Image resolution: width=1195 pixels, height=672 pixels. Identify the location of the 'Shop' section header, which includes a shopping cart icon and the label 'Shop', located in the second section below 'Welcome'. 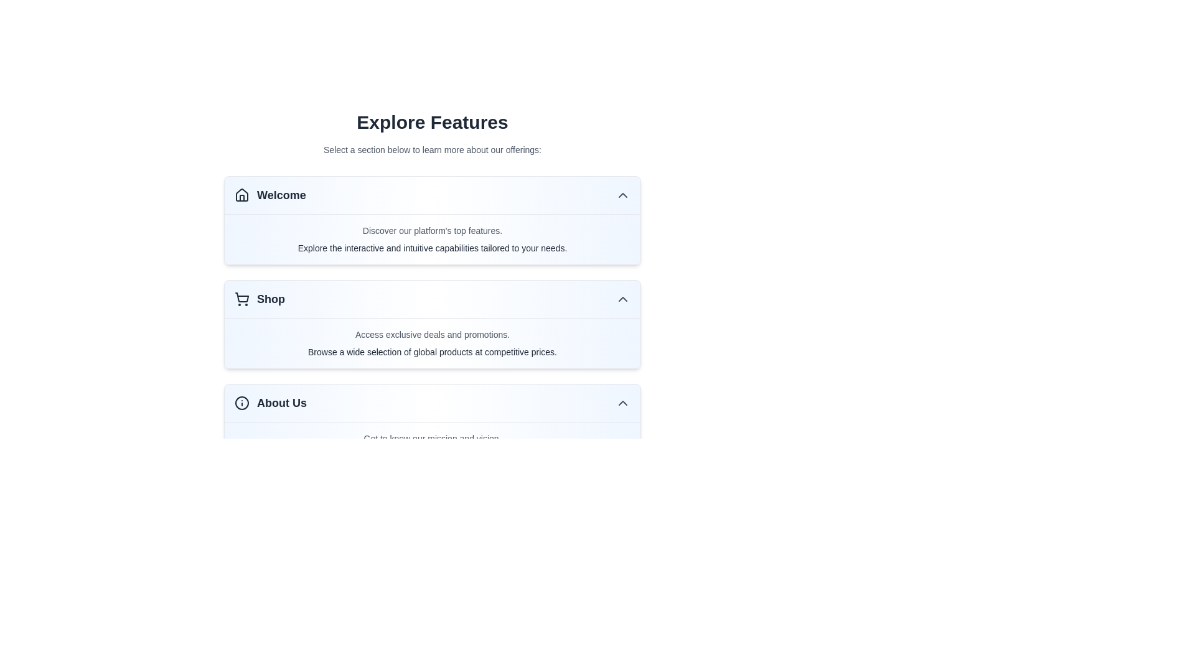
(259, 299).